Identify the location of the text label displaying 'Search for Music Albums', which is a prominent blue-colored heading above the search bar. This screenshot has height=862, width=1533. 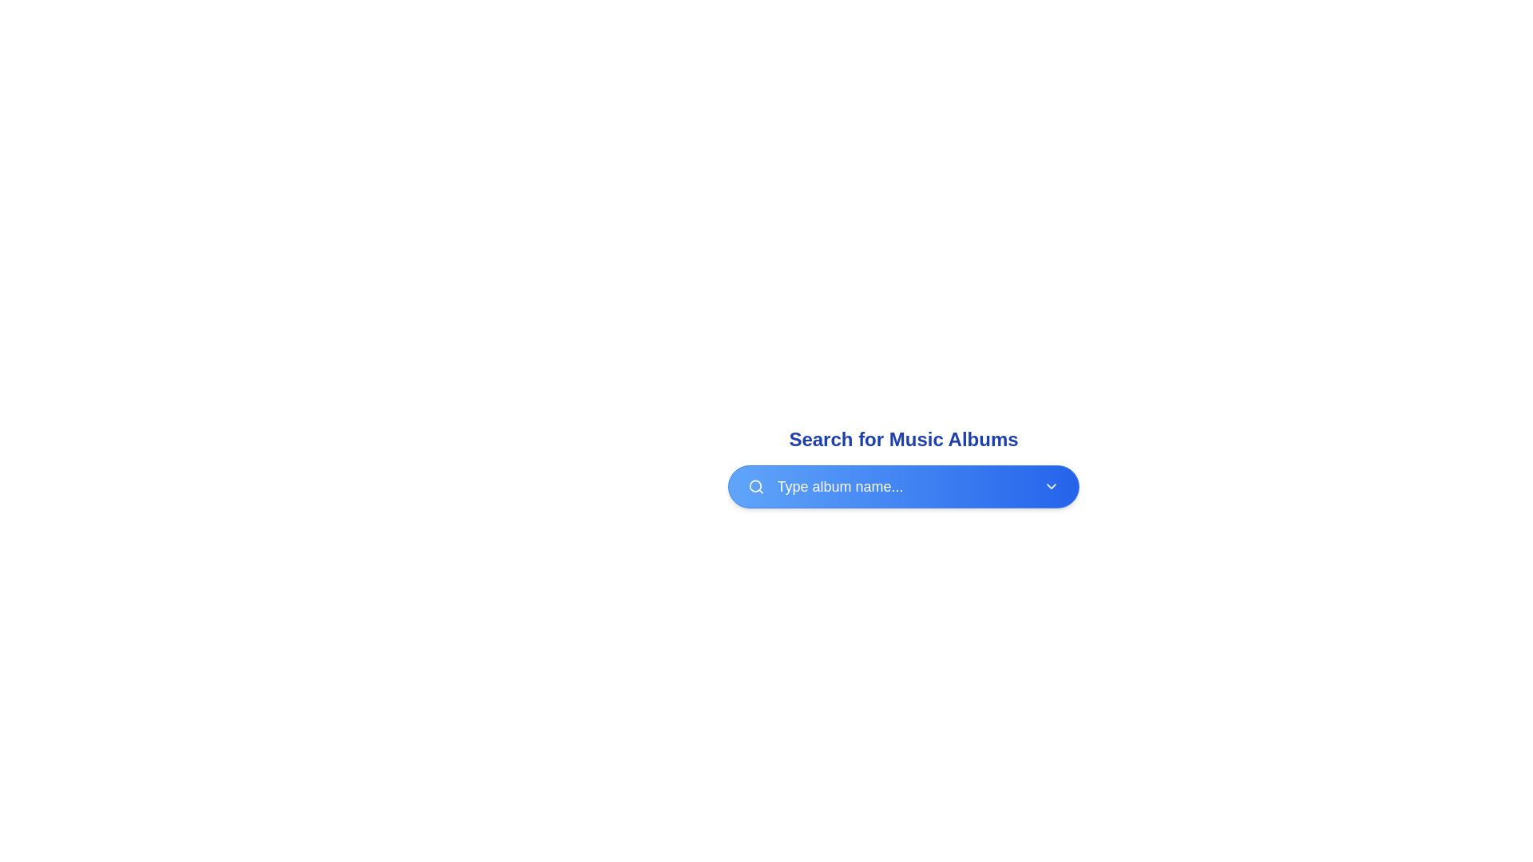
(904, 440).